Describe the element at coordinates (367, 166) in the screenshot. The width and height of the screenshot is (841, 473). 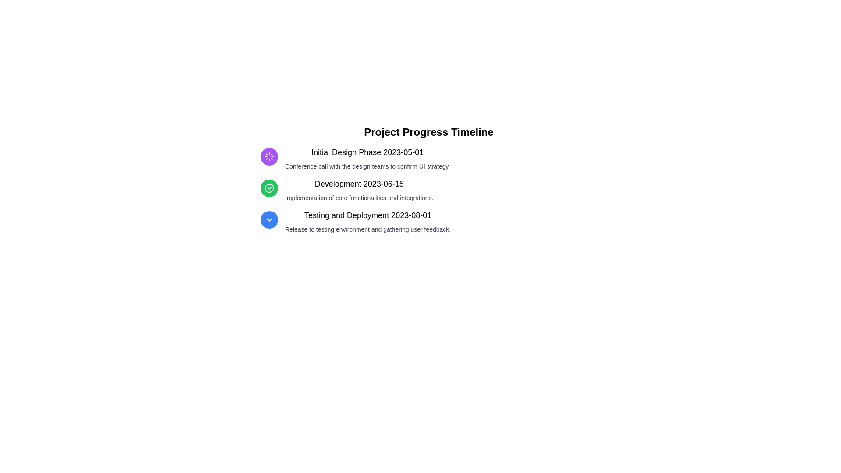
I see `the text label that says 'Conference call with the design teams to confirm UI strategy.' which is positioned below the heading 'Initial Design Phase 2023-05-01'` at that location.